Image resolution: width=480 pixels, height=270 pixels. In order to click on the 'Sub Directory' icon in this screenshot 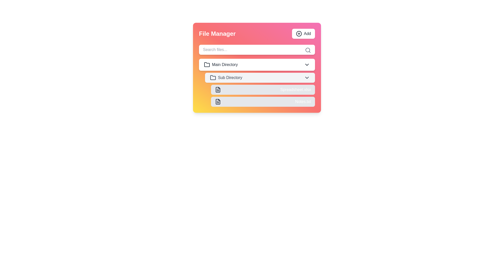, I will do `click(213, 78)`.